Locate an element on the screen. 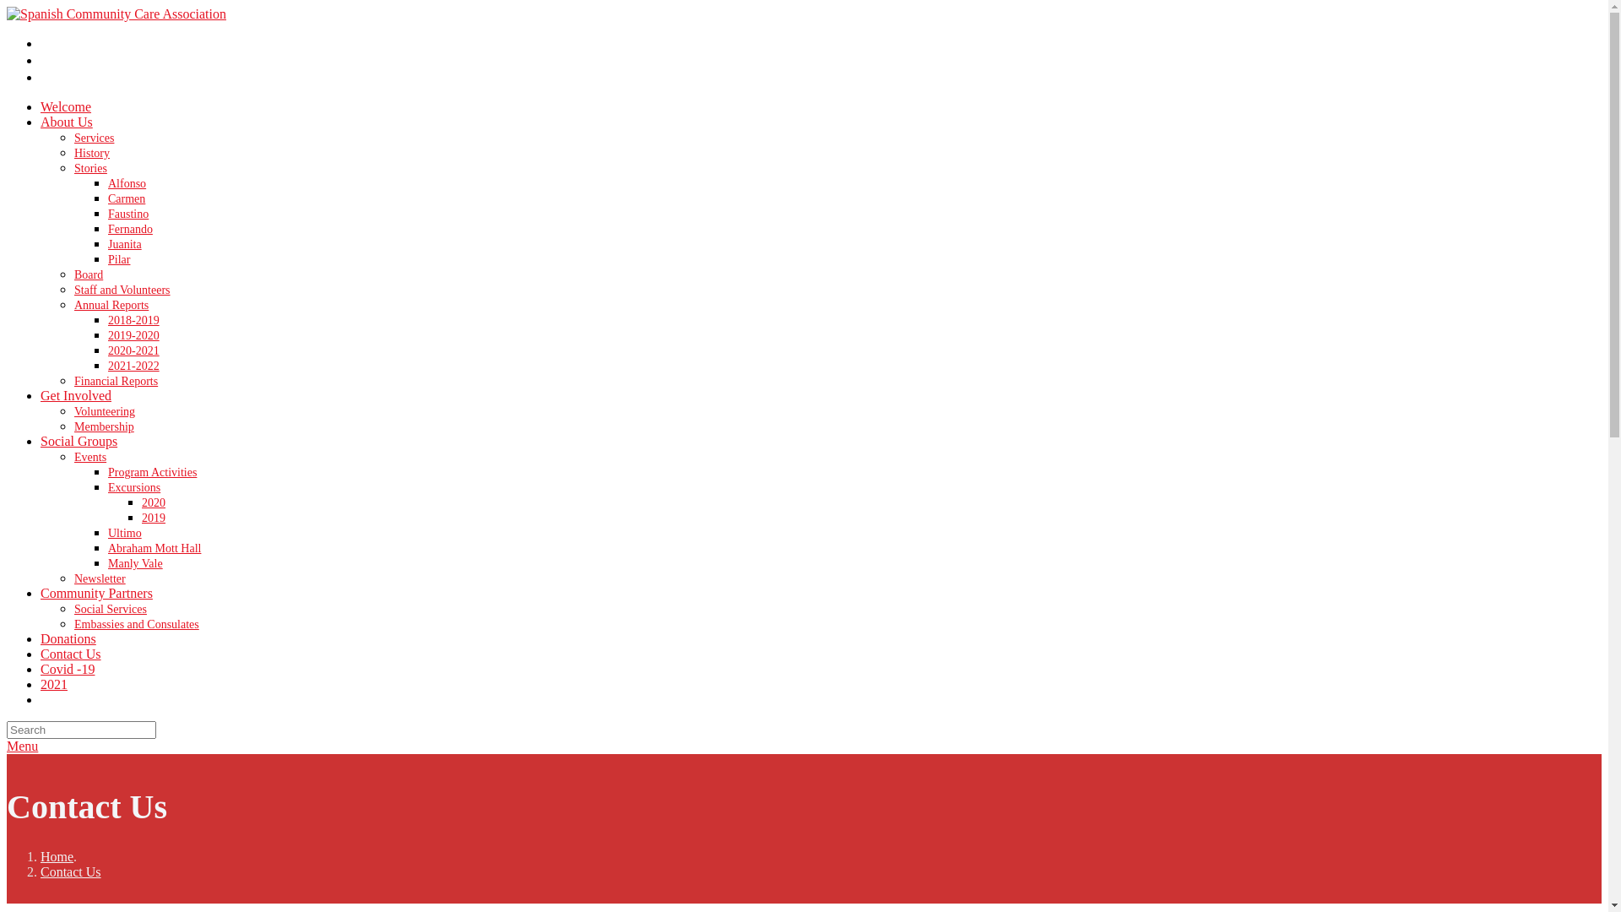 Image resolution: width=1621 pixels, height=912 pixels. 'Embassies and Consulates' is located at coordinates (137, 624).